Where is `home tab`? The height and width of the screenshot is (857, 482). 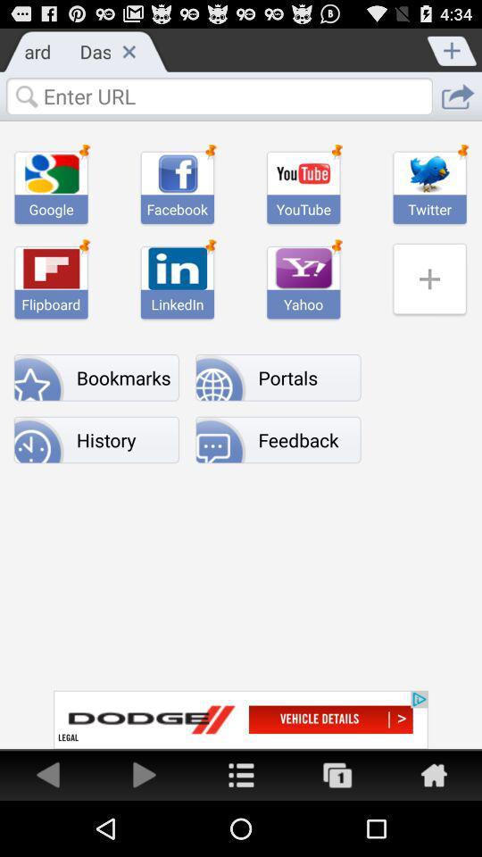 home tab is located at coordinates (241, 773).